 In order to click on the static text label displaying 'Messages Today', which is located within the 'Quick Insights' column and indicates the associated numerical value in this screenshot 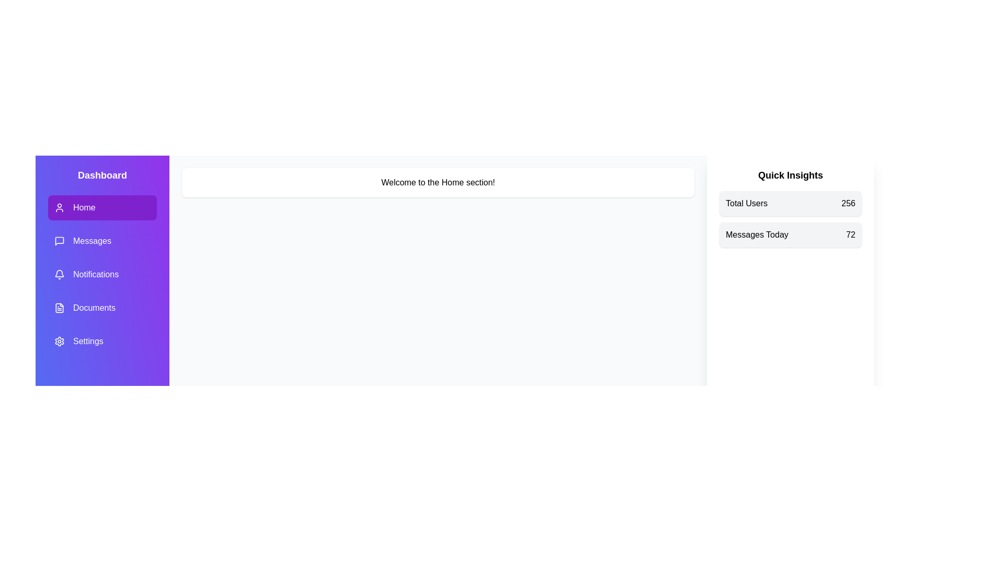, I will do `click(757, 235)`.